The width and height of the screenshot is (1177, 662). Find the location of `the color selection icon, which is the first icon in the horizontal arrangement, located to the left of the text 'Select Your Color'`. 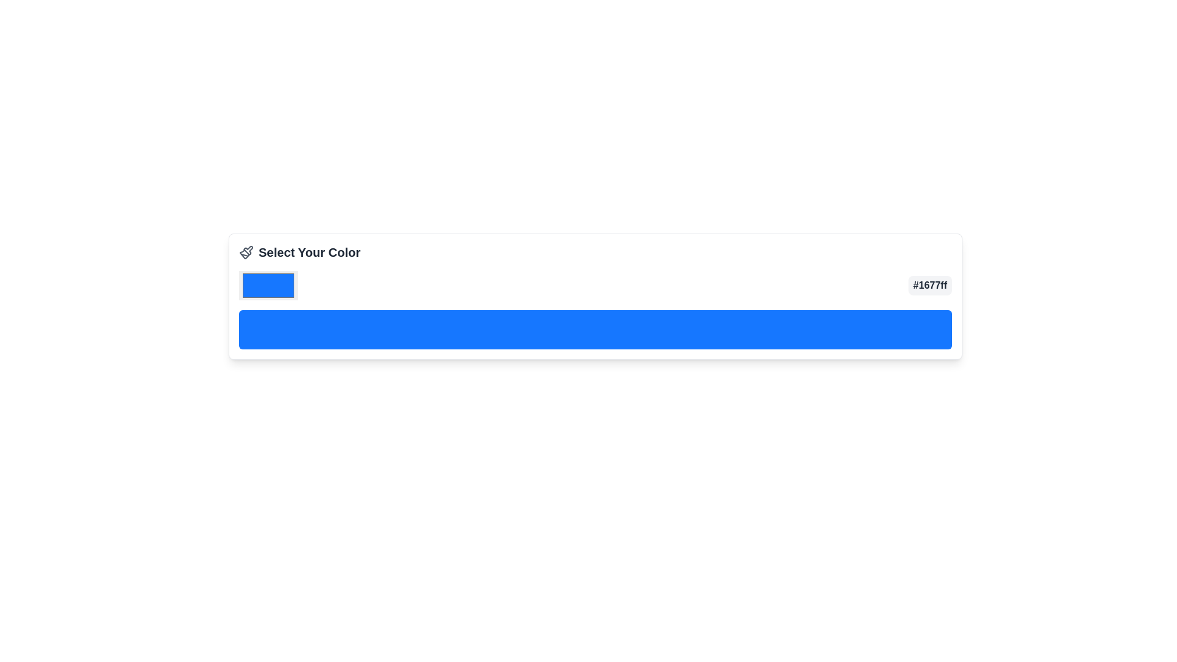

the color selection icon, which is the first icon in the horizontal arrangement, located to the left of the text 'Select Your Color' is located at coordinates (246, 252).